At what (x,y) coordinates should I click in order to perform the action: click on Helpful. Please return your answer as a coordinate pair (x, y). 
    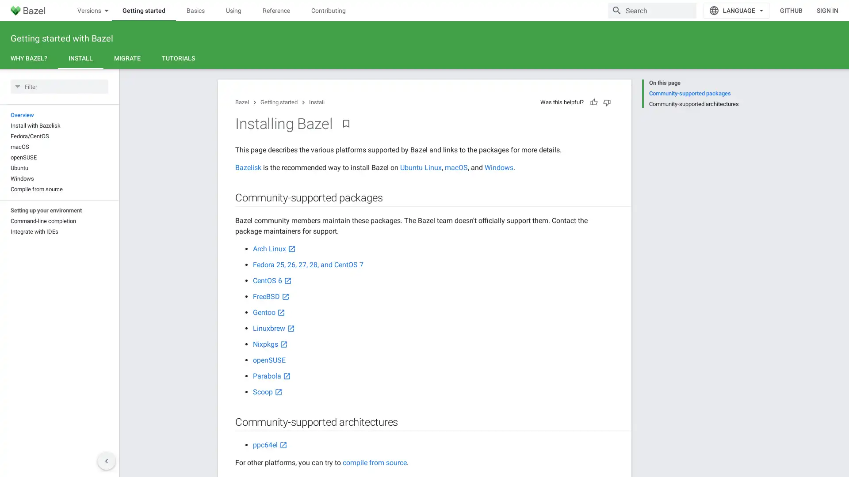
    Looking at the image, I should click on (594, 102).